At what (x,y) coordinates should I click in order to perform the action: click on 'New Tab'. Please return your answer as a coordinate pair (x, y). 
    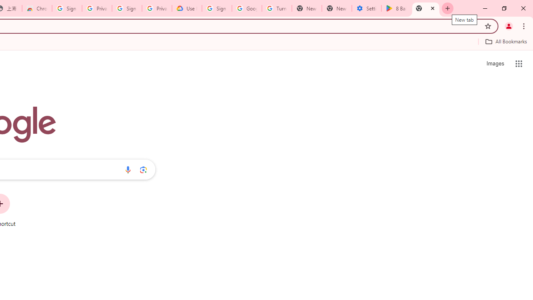
    Looking at the image, I should click on (426, 8).